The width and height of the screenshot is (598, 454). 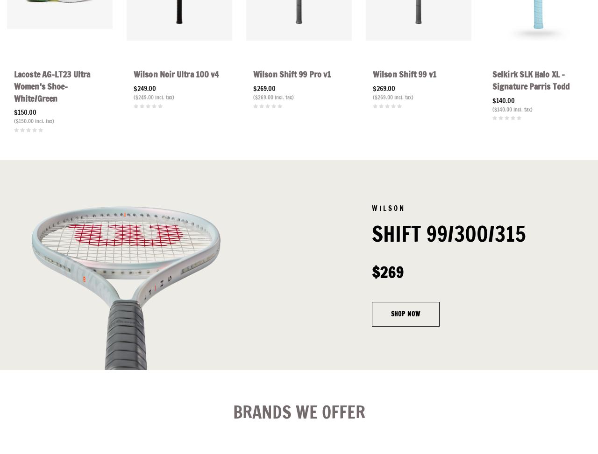 I want to click on 'Selkirk SLK Halo XL - Signature Parris Todd', so click(x=531, y=80).